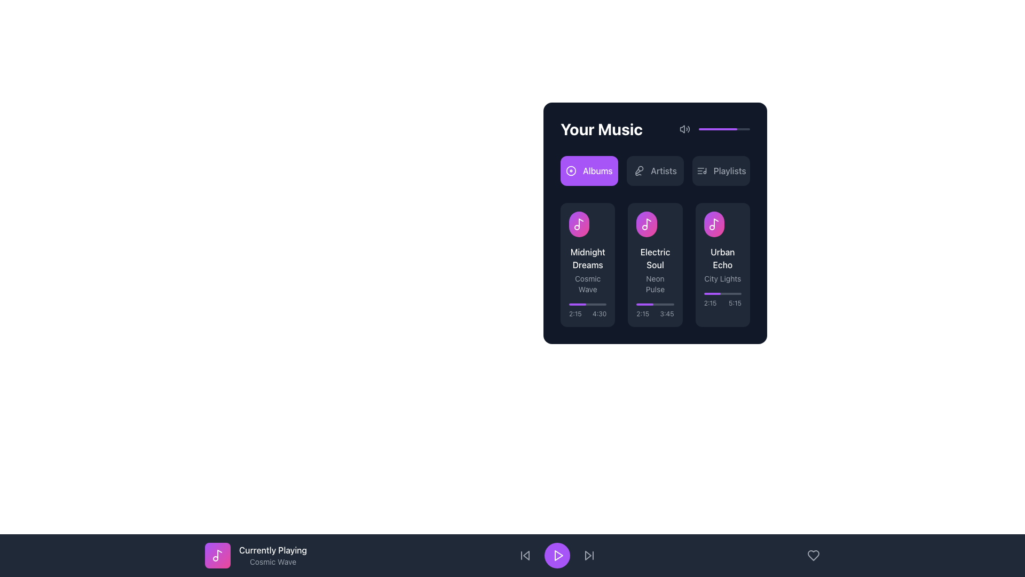 The width and height of the screenshot is (1025, 577). Describe the element at coordinates (597, 170) in the screenshot. I see `text component displaying 'Albums' which is centered within a purple button-like structure in the music navigation UI` at that location.